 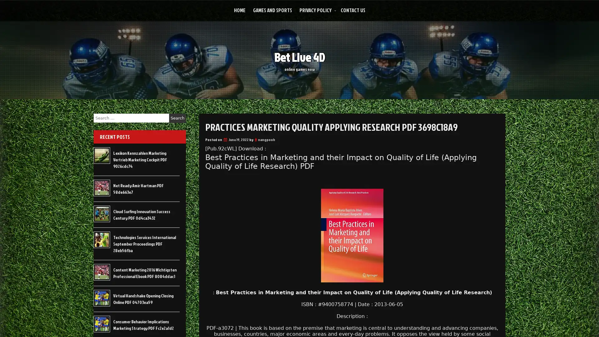 I want to click on Search, so click(x=177, y=118).